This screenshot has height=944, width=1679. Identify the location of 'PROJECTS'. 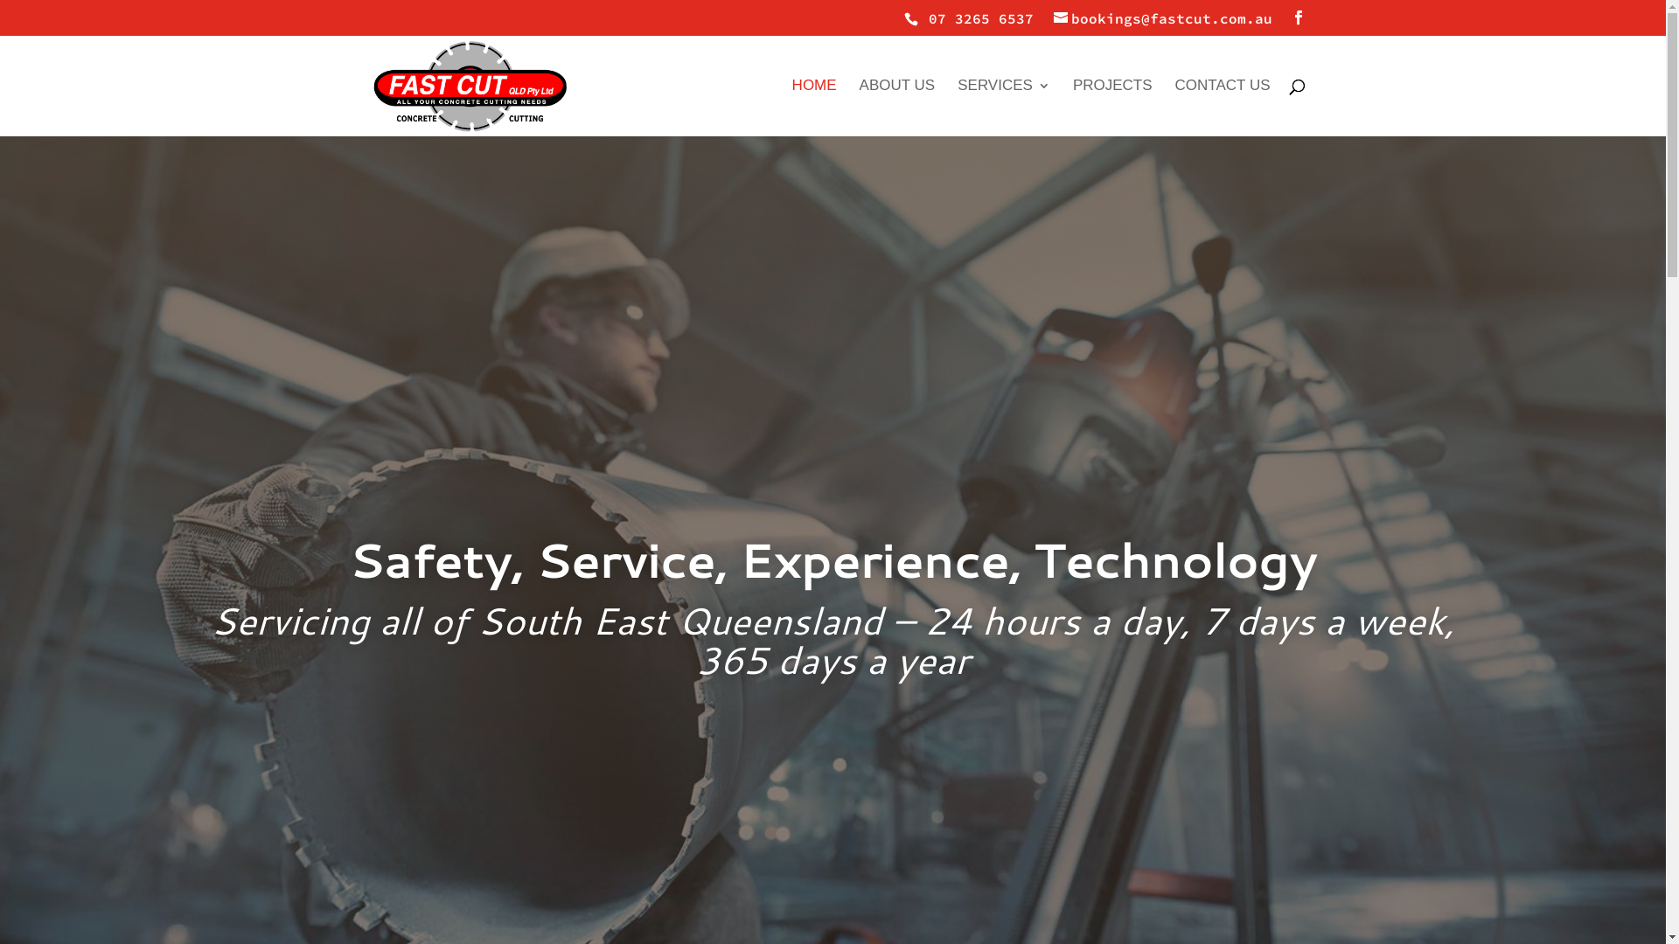
(1072, 108).